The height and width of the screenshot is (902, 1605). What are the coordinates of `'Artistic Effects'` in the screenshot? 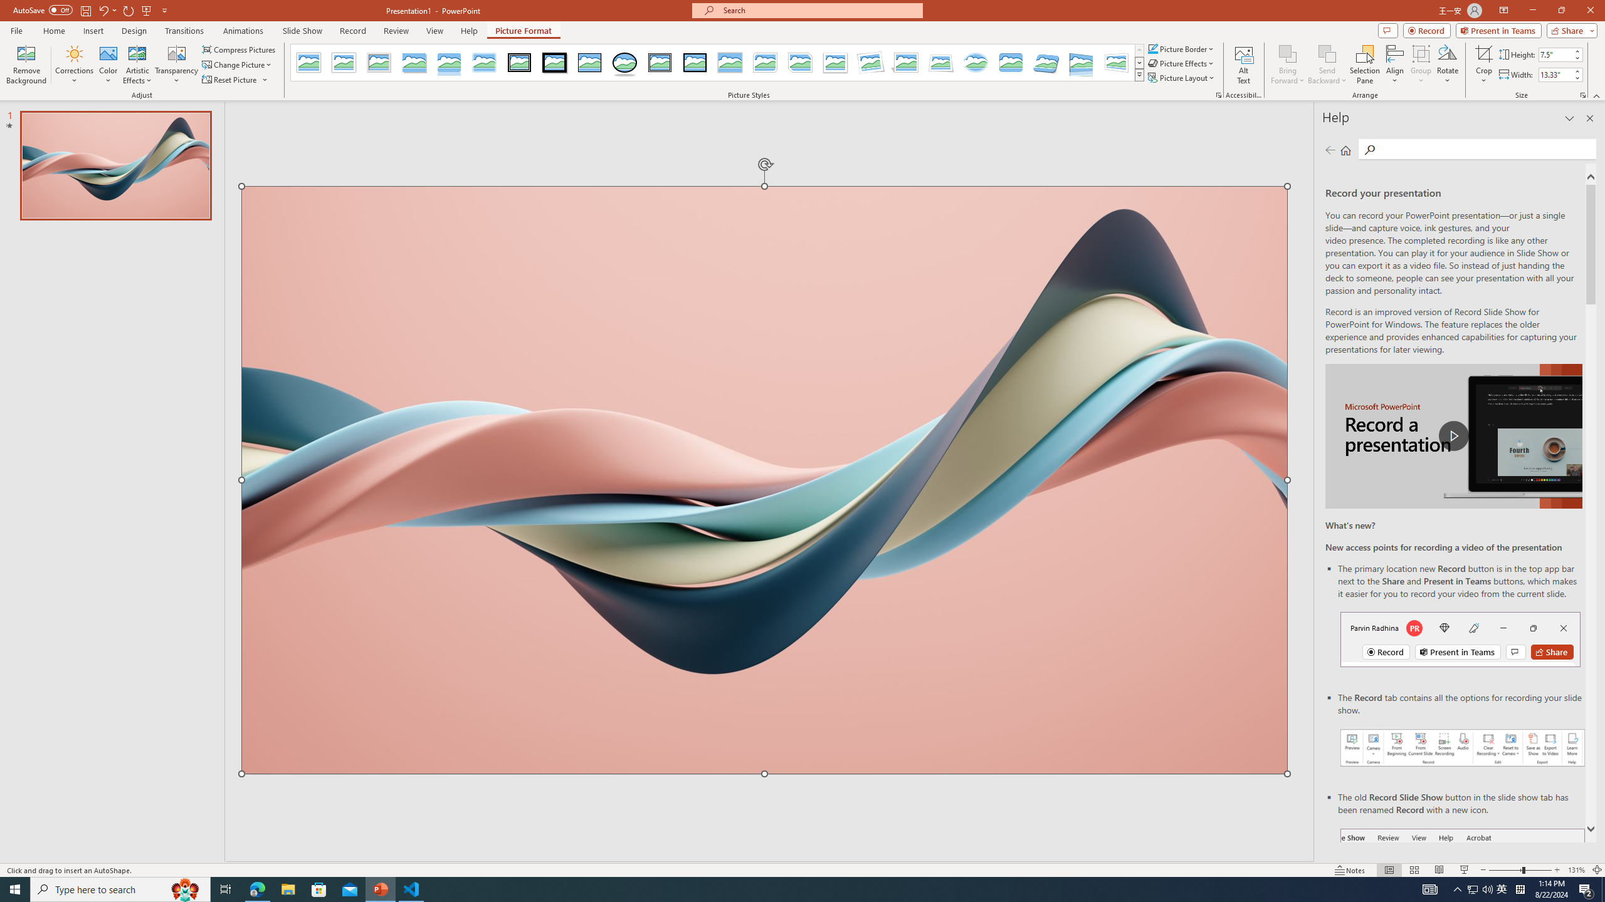 It's located at (138, 65).